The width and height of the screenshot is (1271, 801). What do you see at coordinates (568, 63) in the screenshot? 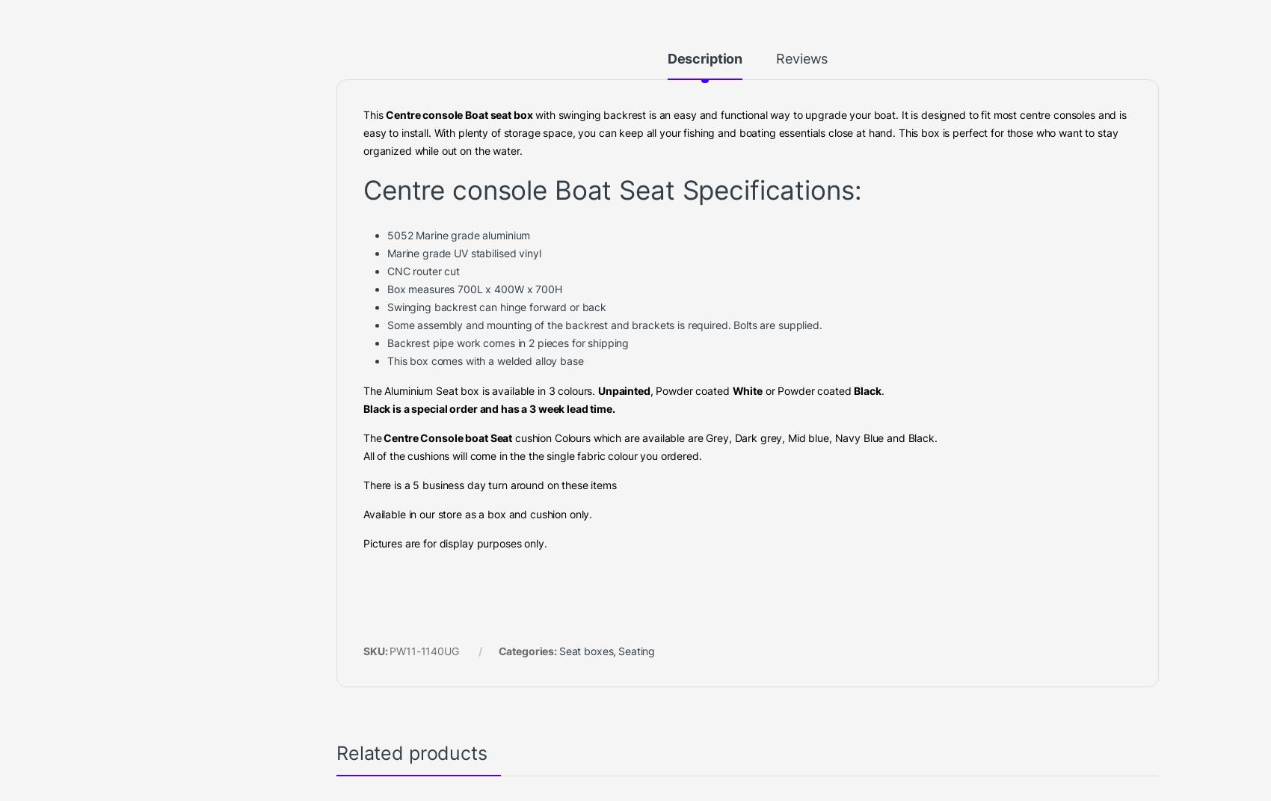
I see `'Seating'` at bounding box center [568, 63].